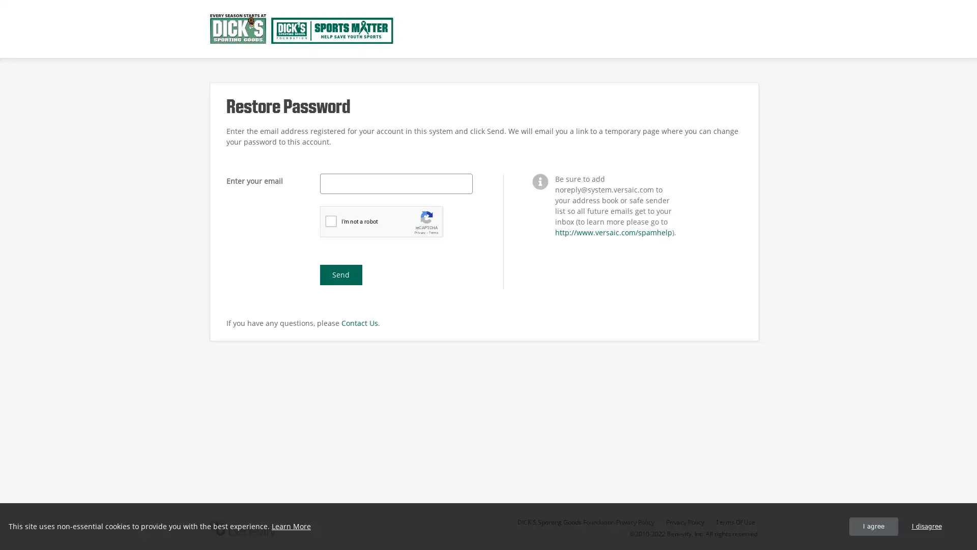 The width and height of the screenshot is (977, 550). I want to click on Send, so click(340, 275).